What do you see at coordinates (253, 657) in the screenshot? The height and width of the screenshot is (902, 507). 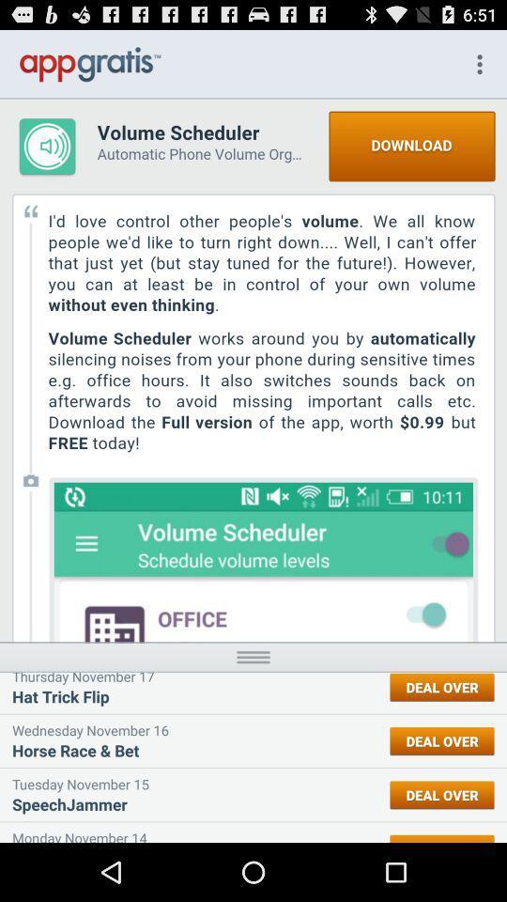 I see `more information` at bounding box center [253, 657].